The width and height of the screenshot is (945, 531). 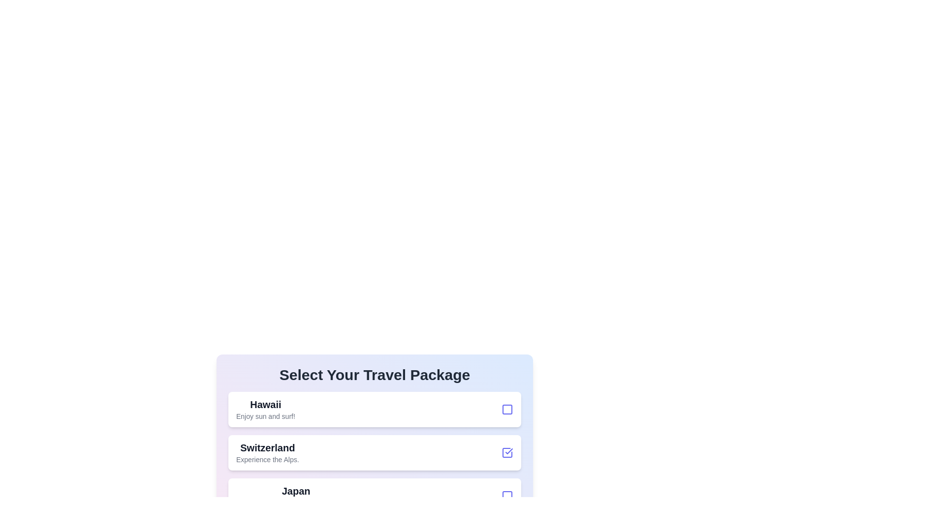 I want to click on the travel package list item corresponding to Hawaii, so click(x=374, y=410).